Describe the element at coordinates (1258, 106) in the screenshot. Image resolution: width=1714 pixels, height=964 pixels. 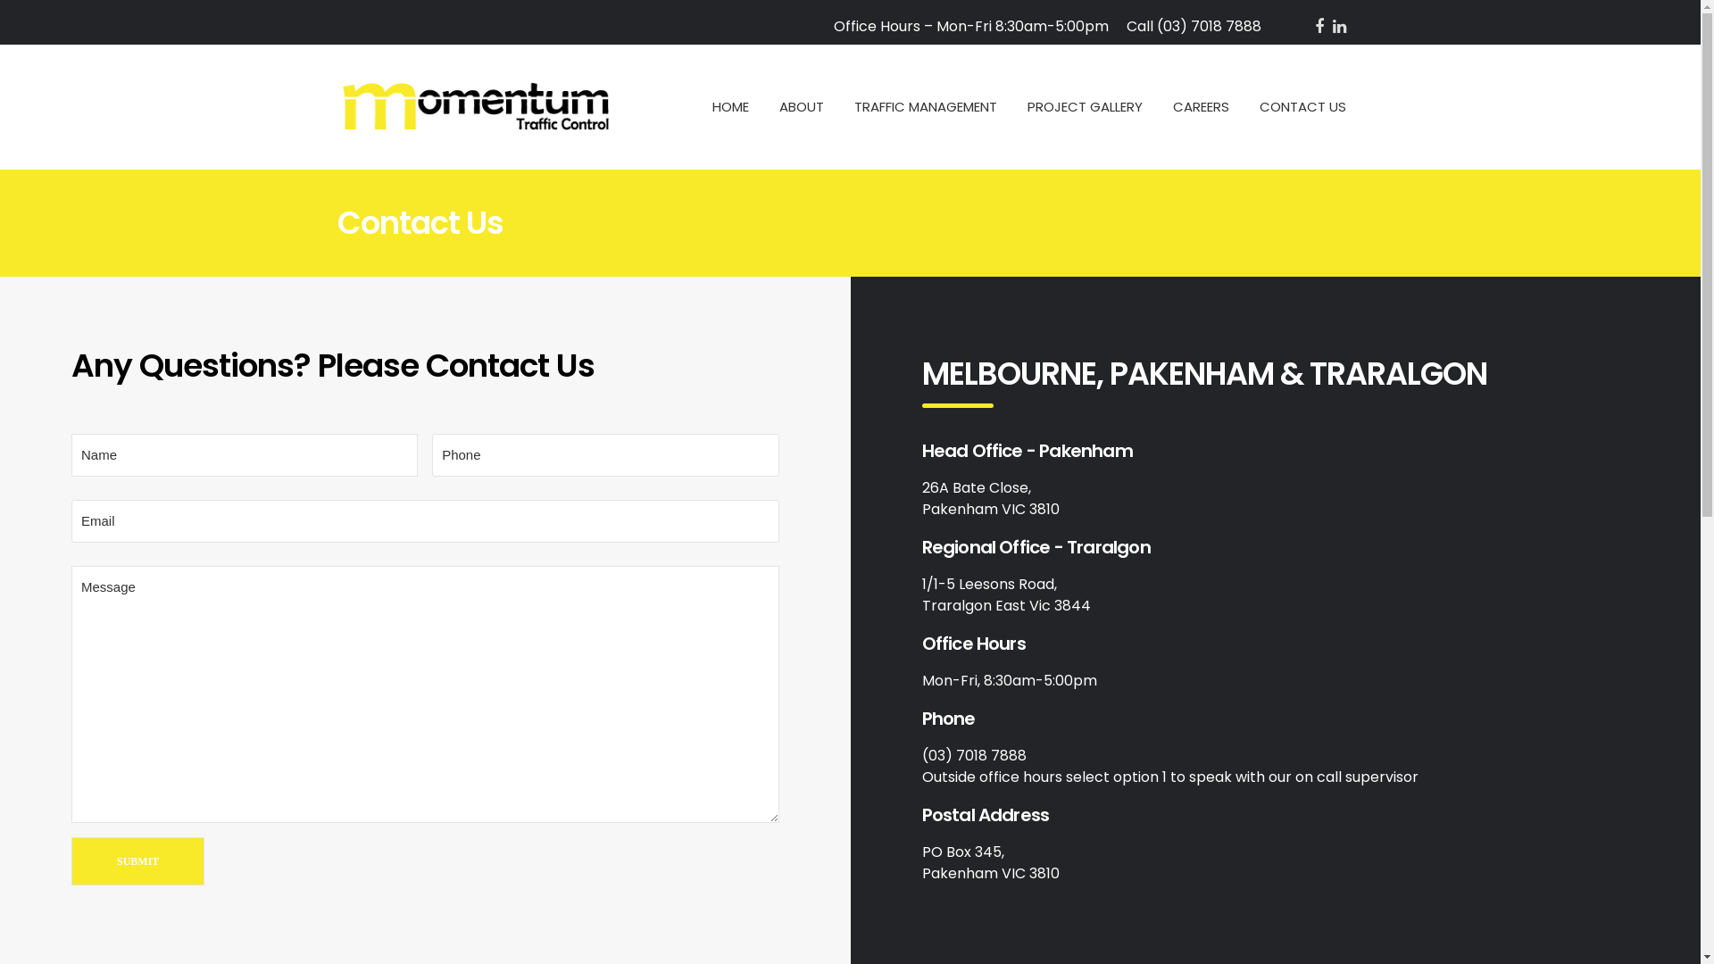
I see `'CONTACT US'` at that location.